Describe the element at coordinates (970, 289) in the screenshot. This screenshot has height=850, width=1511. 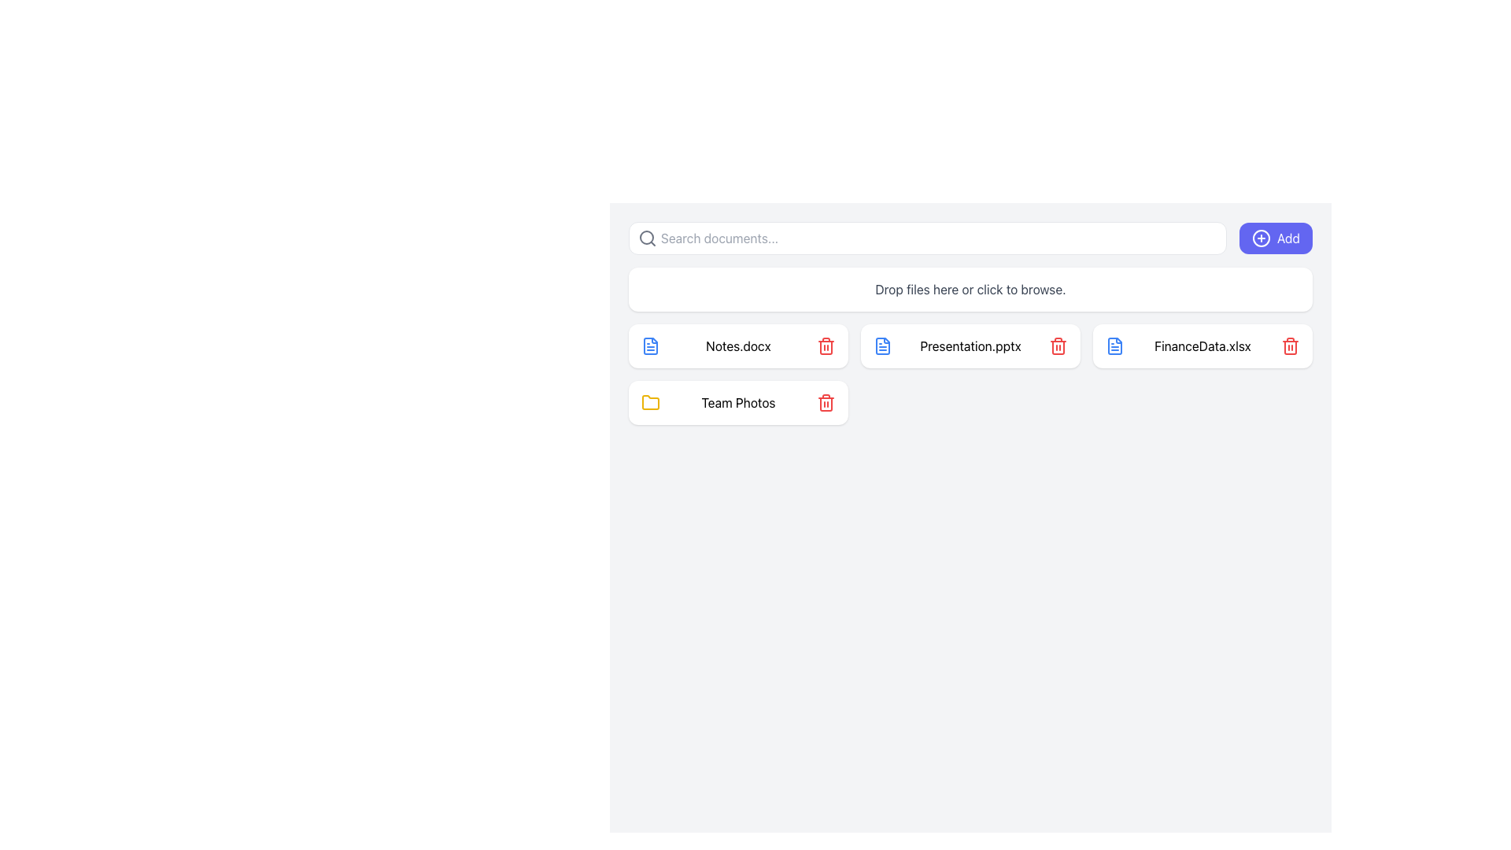
I see `the instructional Label element for file uploading, located near the top of the main content area, below the search bar, and above the grid-like display of file items` at that location.